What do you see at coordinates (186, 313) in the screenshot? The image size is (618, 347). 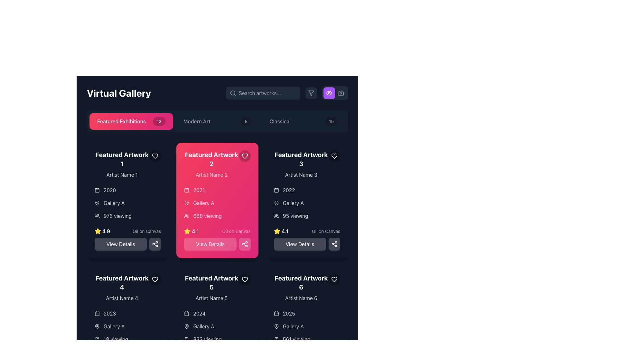 I see `the graphical shape element of the calendar icon located at the center of the calendar icon, which is adjacent to the textual label under 'Featured Artwork 5'` at bounding box center [186, 313].